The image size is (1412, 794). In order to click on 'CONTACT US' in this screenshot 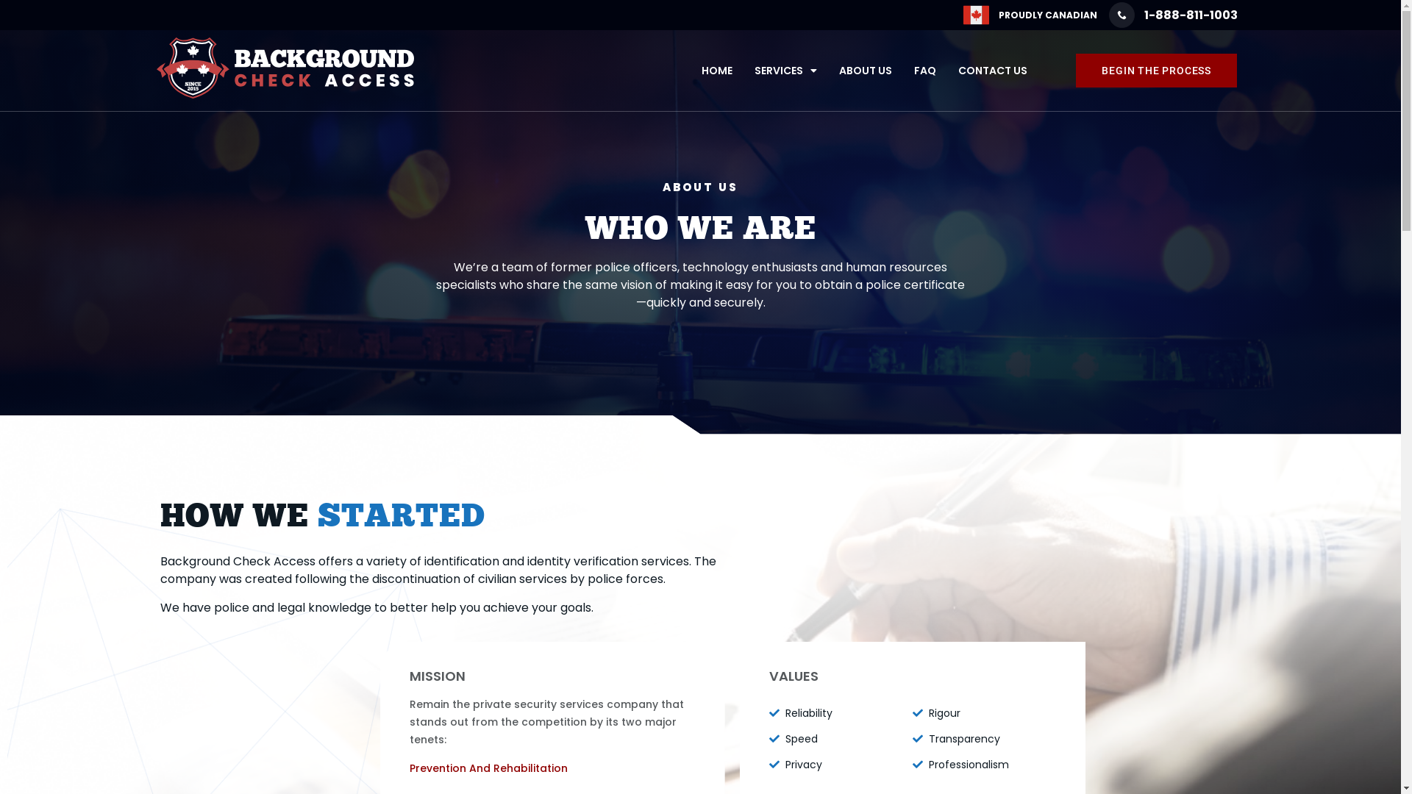, I will do `click(992, 71)`.